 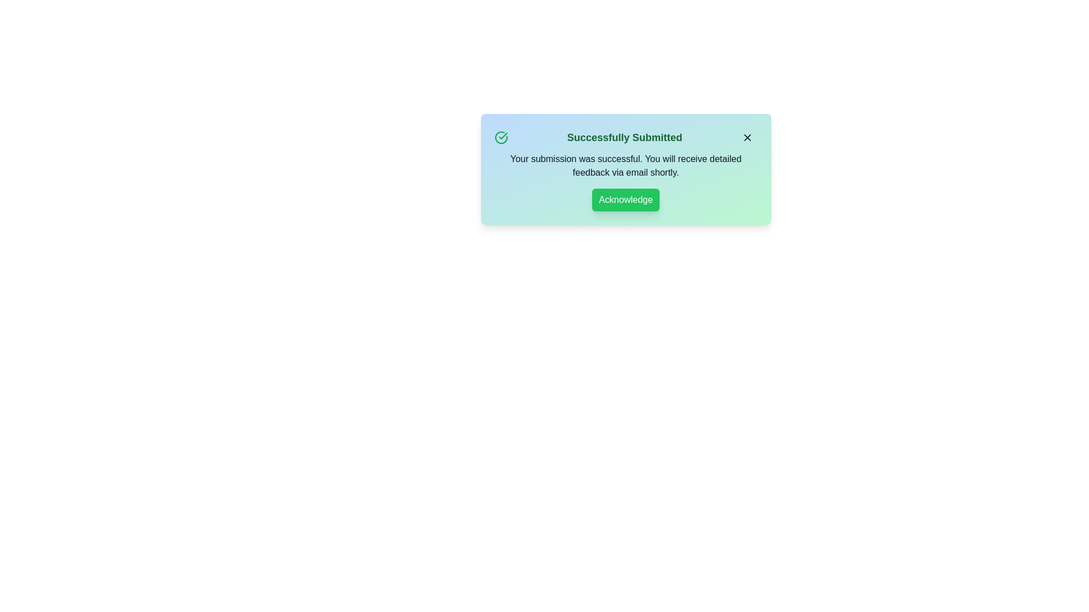 I want to click on the text 'Successfully Submitted' to highlight it, so click(x=625, y=137).